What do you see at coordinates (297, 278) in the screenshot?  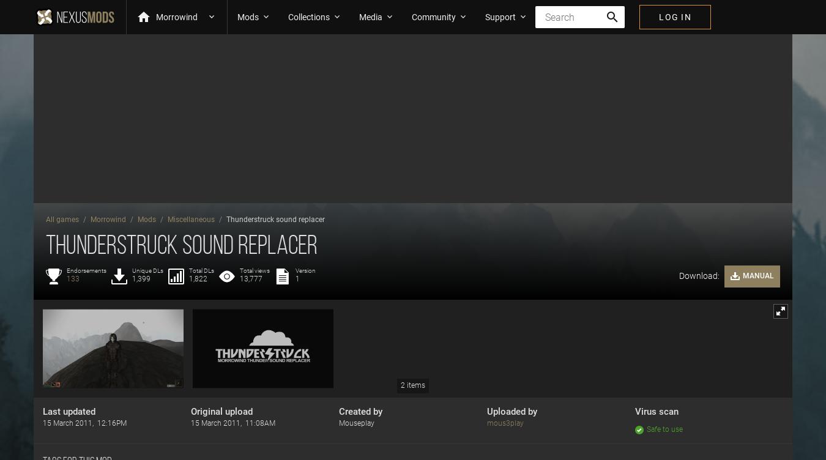 I see `'1'` at bounding box center [297, 278].